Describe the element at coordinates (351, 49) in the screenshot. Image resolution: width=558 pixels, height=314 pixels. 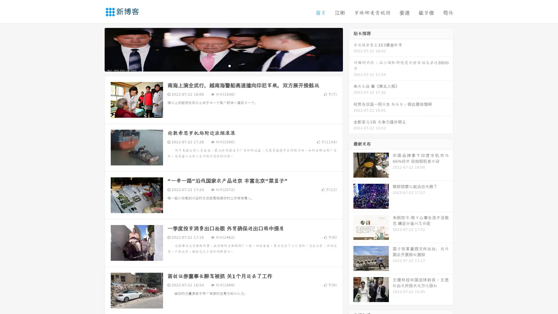
I see `Next slide` at that location.